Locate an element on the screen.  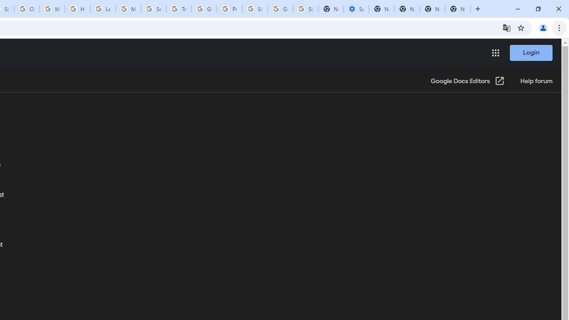
'Translate this page' is located at coordinates (506, 27).